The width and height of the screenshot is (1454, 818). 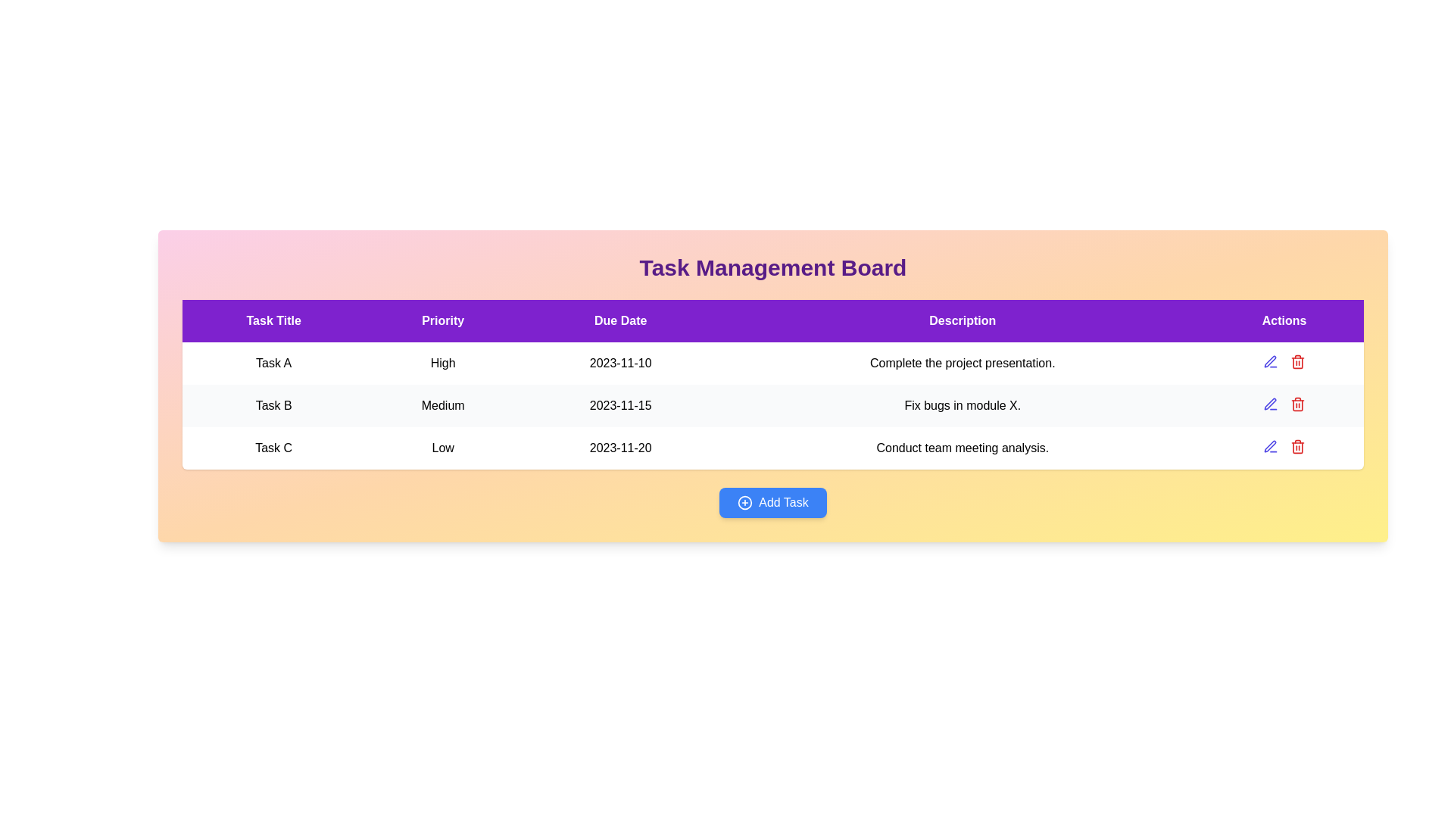 What do you see at coordinates (620, 363) in the screenshot?
I see `the static text display reading '2023-11-10' in the 'Due Date' column of the task details table` at bounding box center [620, 363].